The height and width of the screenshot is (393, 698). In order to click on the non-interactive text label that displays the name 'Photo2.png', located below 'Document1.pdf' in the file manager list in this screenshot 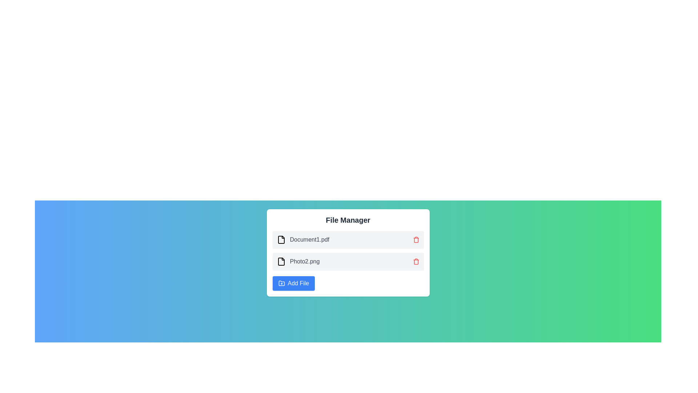, I will do `click(305, 261)`.